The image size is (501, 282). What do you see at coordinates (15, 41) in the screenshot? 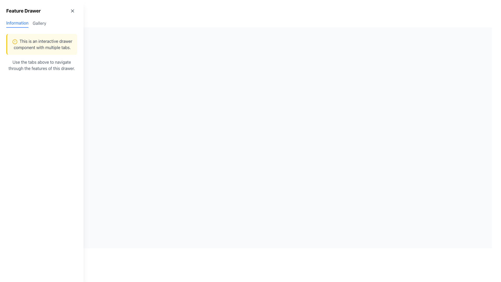
I see `the circular alert icon with a yellow border and exclamation mark, located at the center of the notification block` at bounding box center [15, 41].